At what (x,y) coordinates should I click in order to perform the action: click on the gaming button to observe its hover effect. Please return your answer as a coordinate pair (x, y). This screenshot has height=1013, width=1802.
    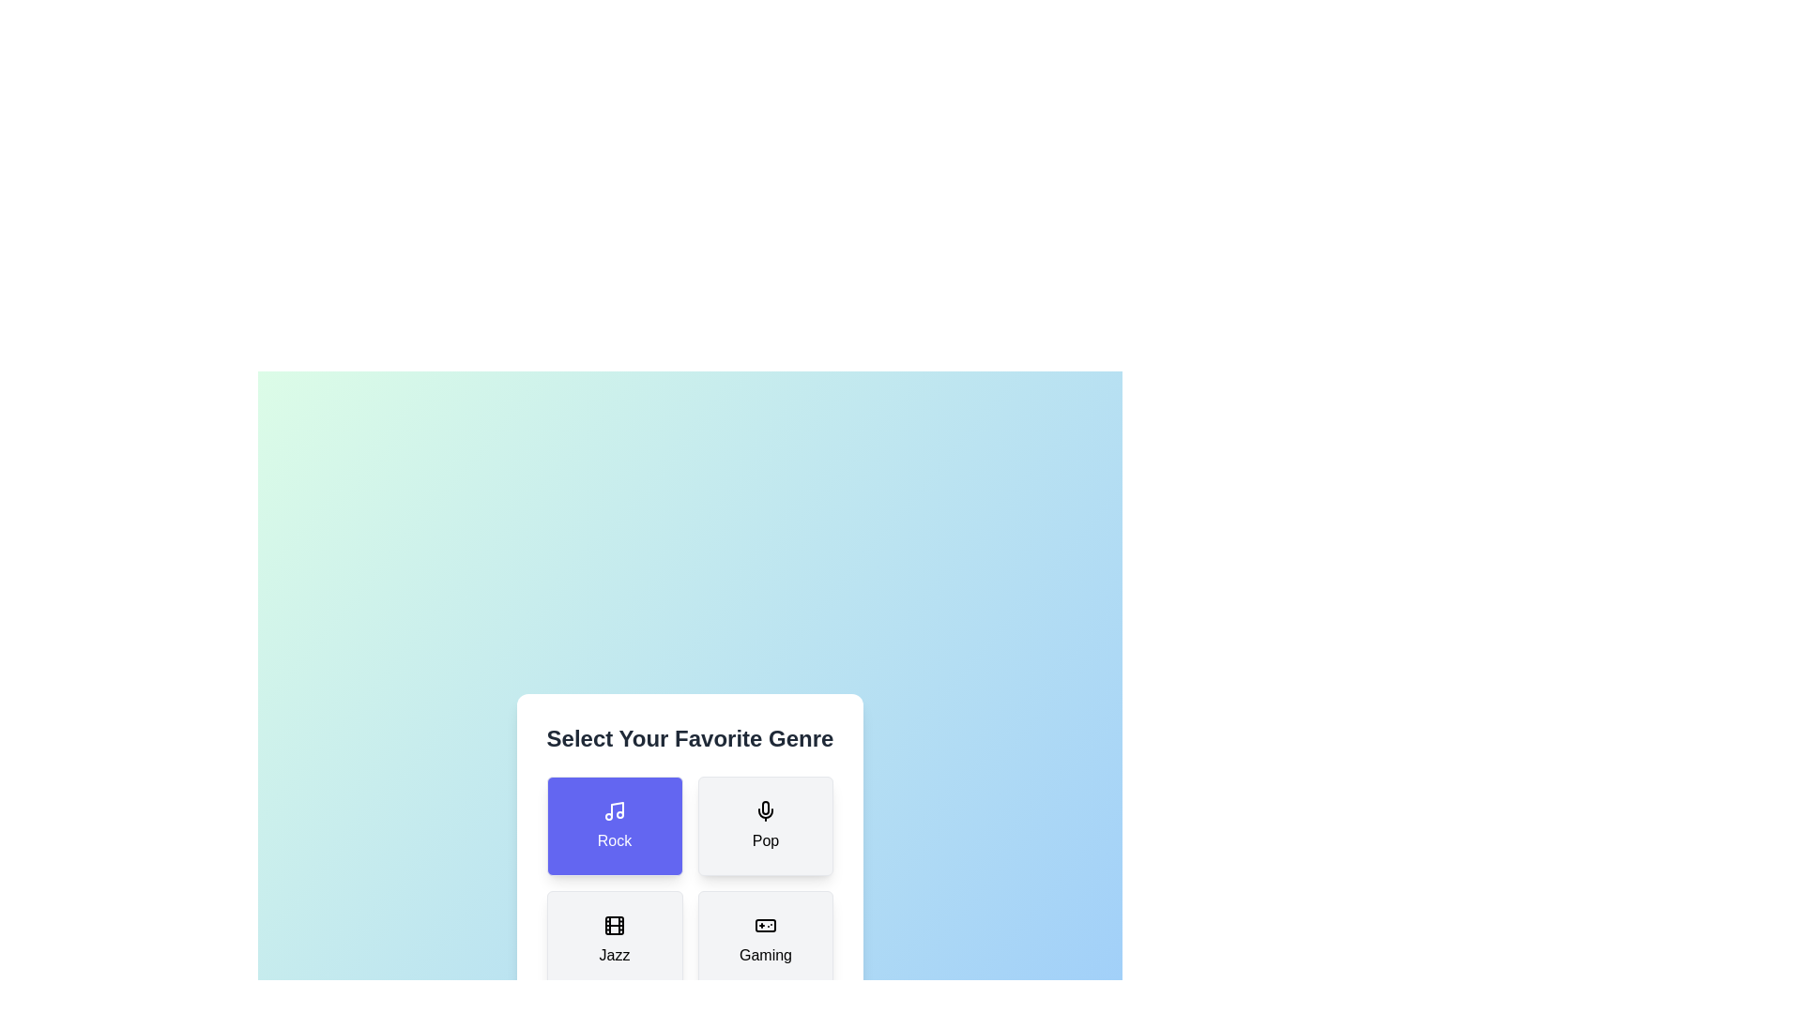
    Looking at the image, I should click on (765, 940).